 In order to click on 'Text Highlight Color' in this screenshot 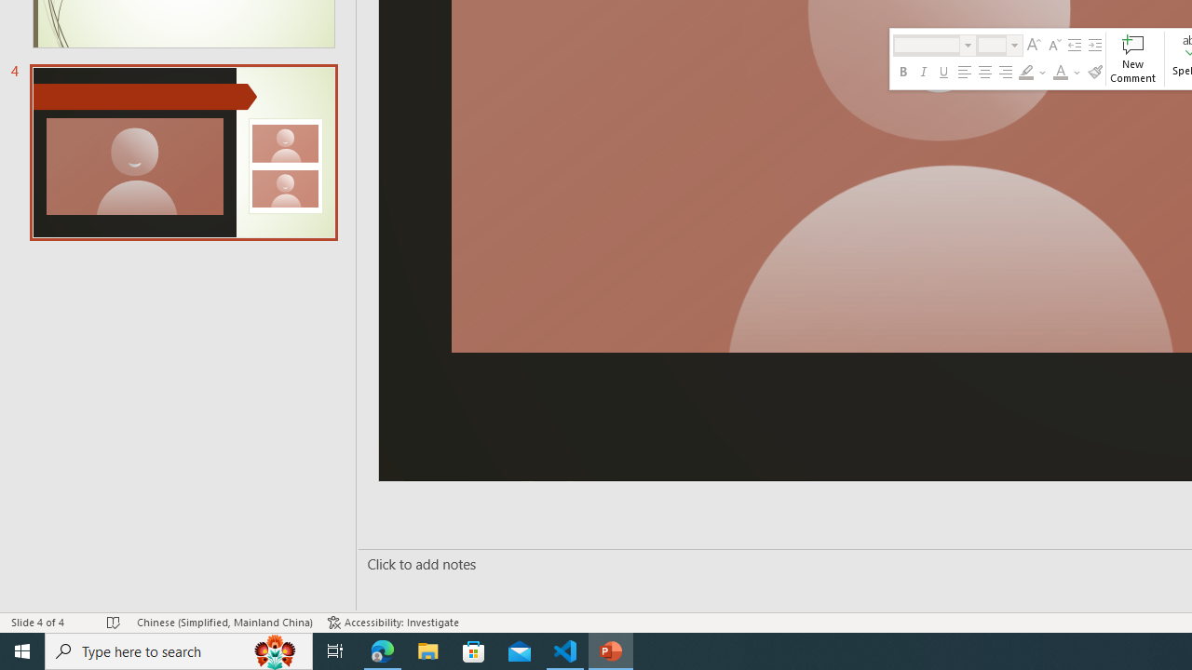, I will do `click(1032, 72)`.